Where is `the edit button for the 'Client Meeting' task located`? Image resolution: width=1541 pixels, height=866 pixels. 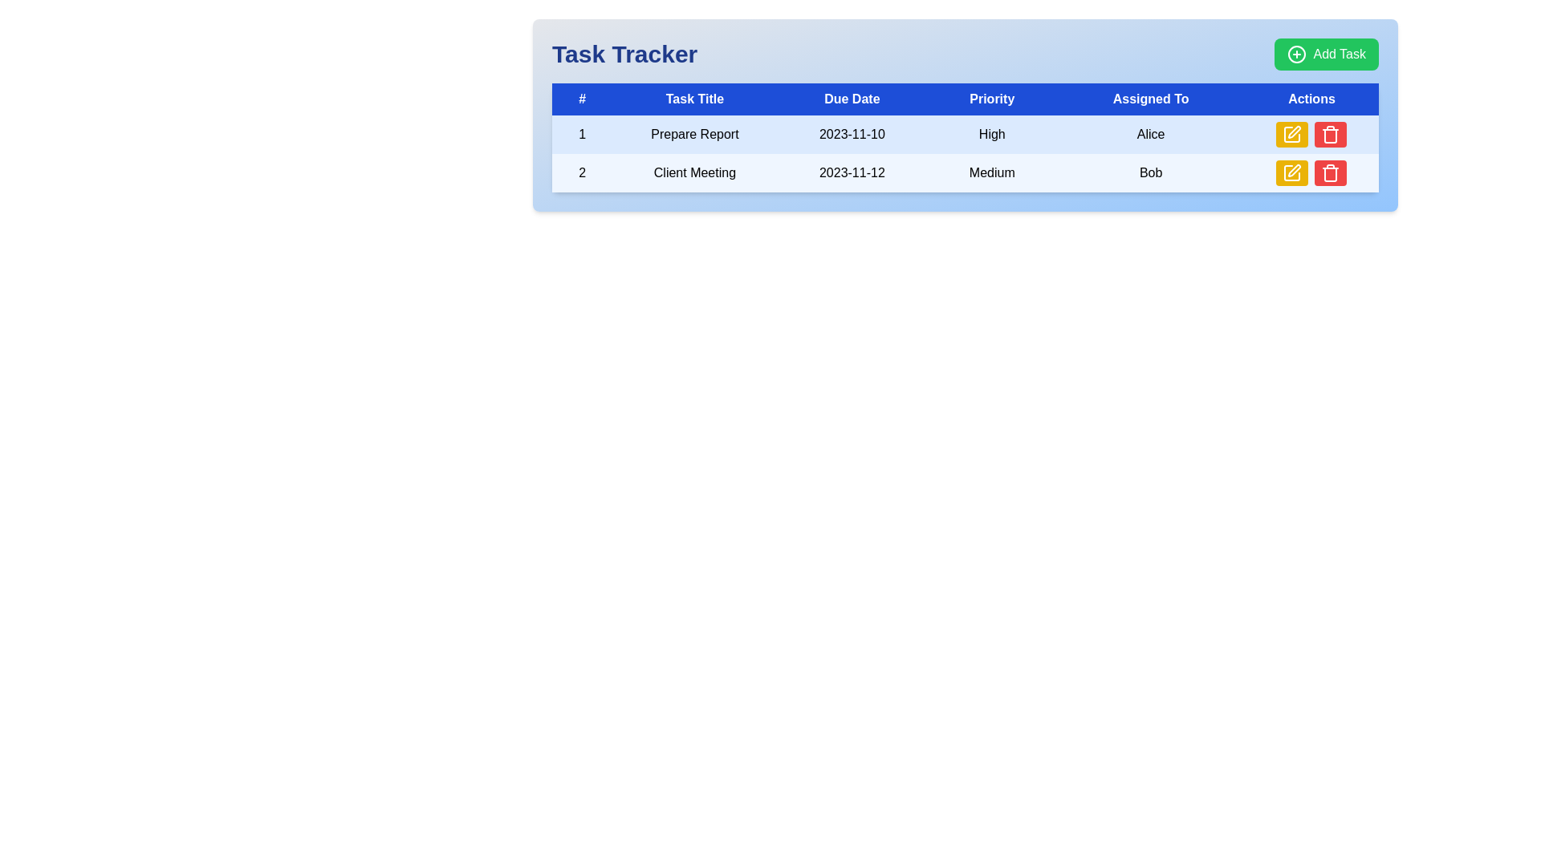
the edit button for the 'Client Meeting' task located is located at coordinates (1295, 170).